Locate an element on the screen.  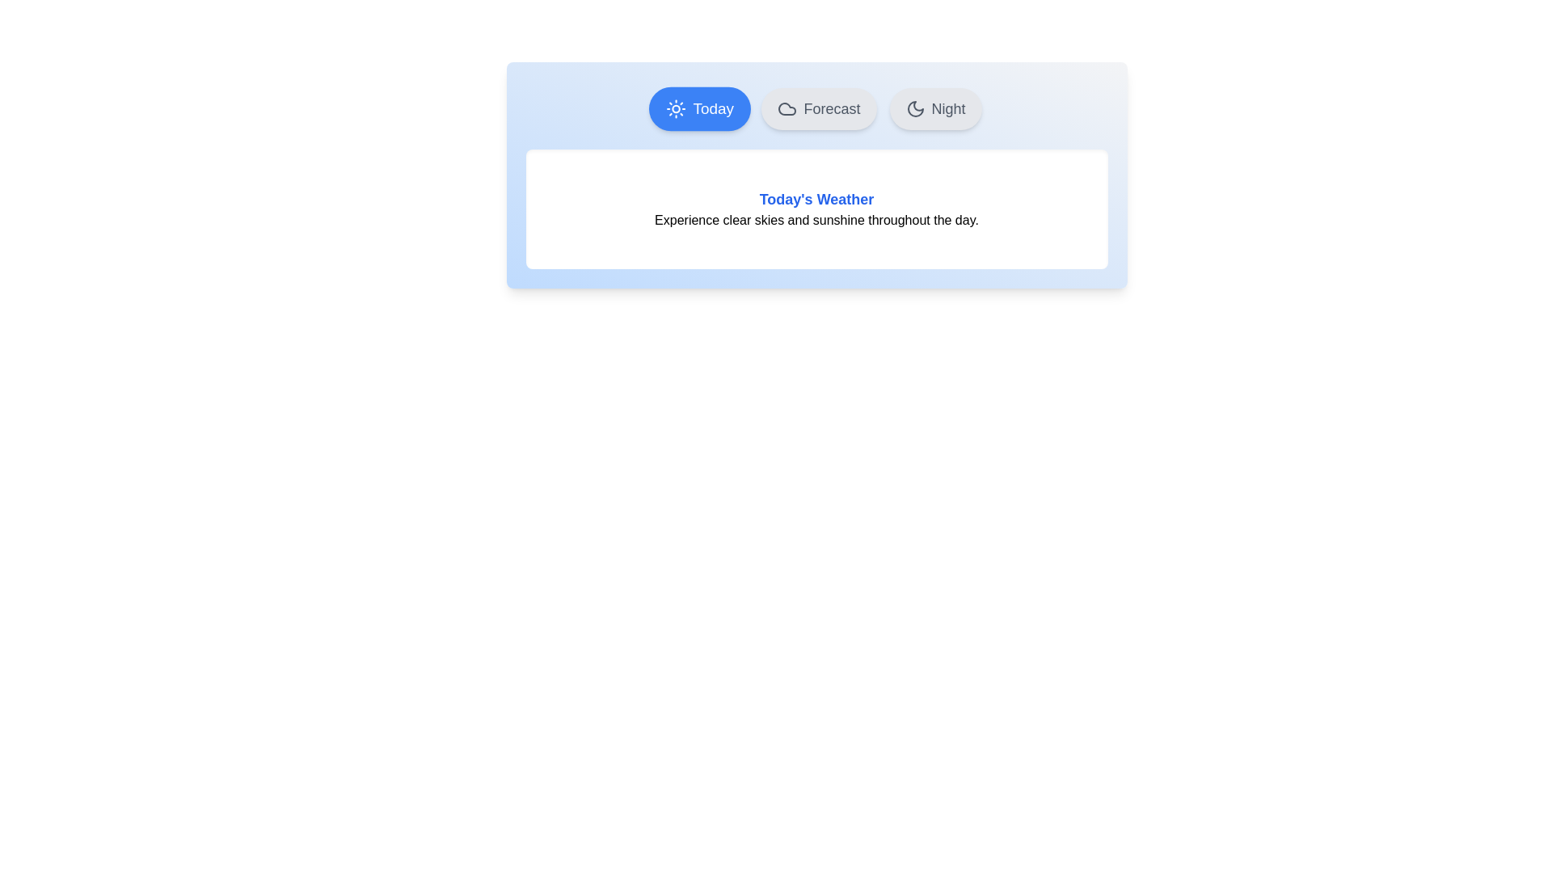
the Night tab by clicking on it is located at coordinates (935, 109).